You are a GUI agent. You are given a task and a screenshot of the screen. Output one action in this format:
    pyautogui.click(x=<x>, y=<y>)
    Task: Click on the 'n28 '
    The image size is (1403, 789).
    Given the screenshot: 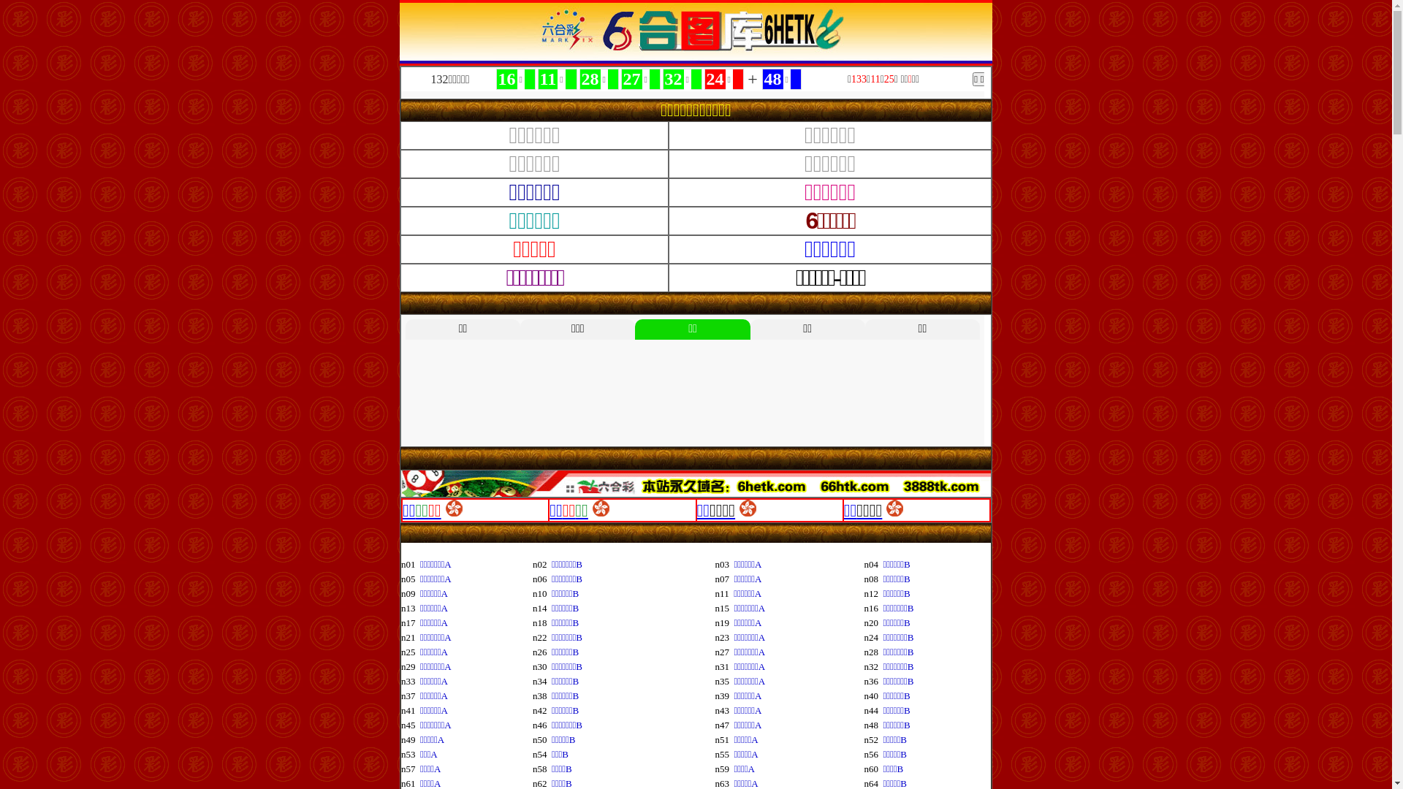 What is the action you would take?
    pyautogui.click(x=873, y=651)
    